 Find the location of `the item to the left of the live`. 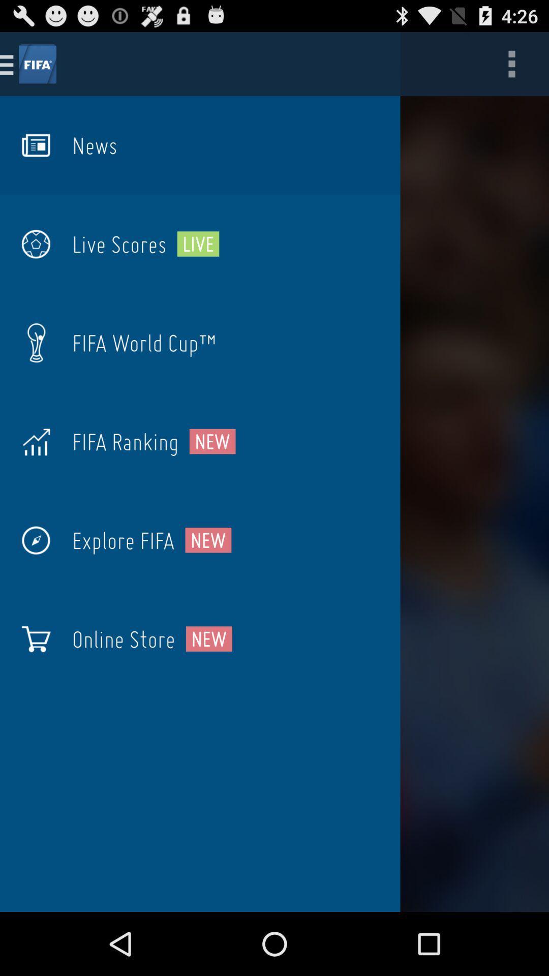

the item to the left of the live is located at coordinates (118, 244).